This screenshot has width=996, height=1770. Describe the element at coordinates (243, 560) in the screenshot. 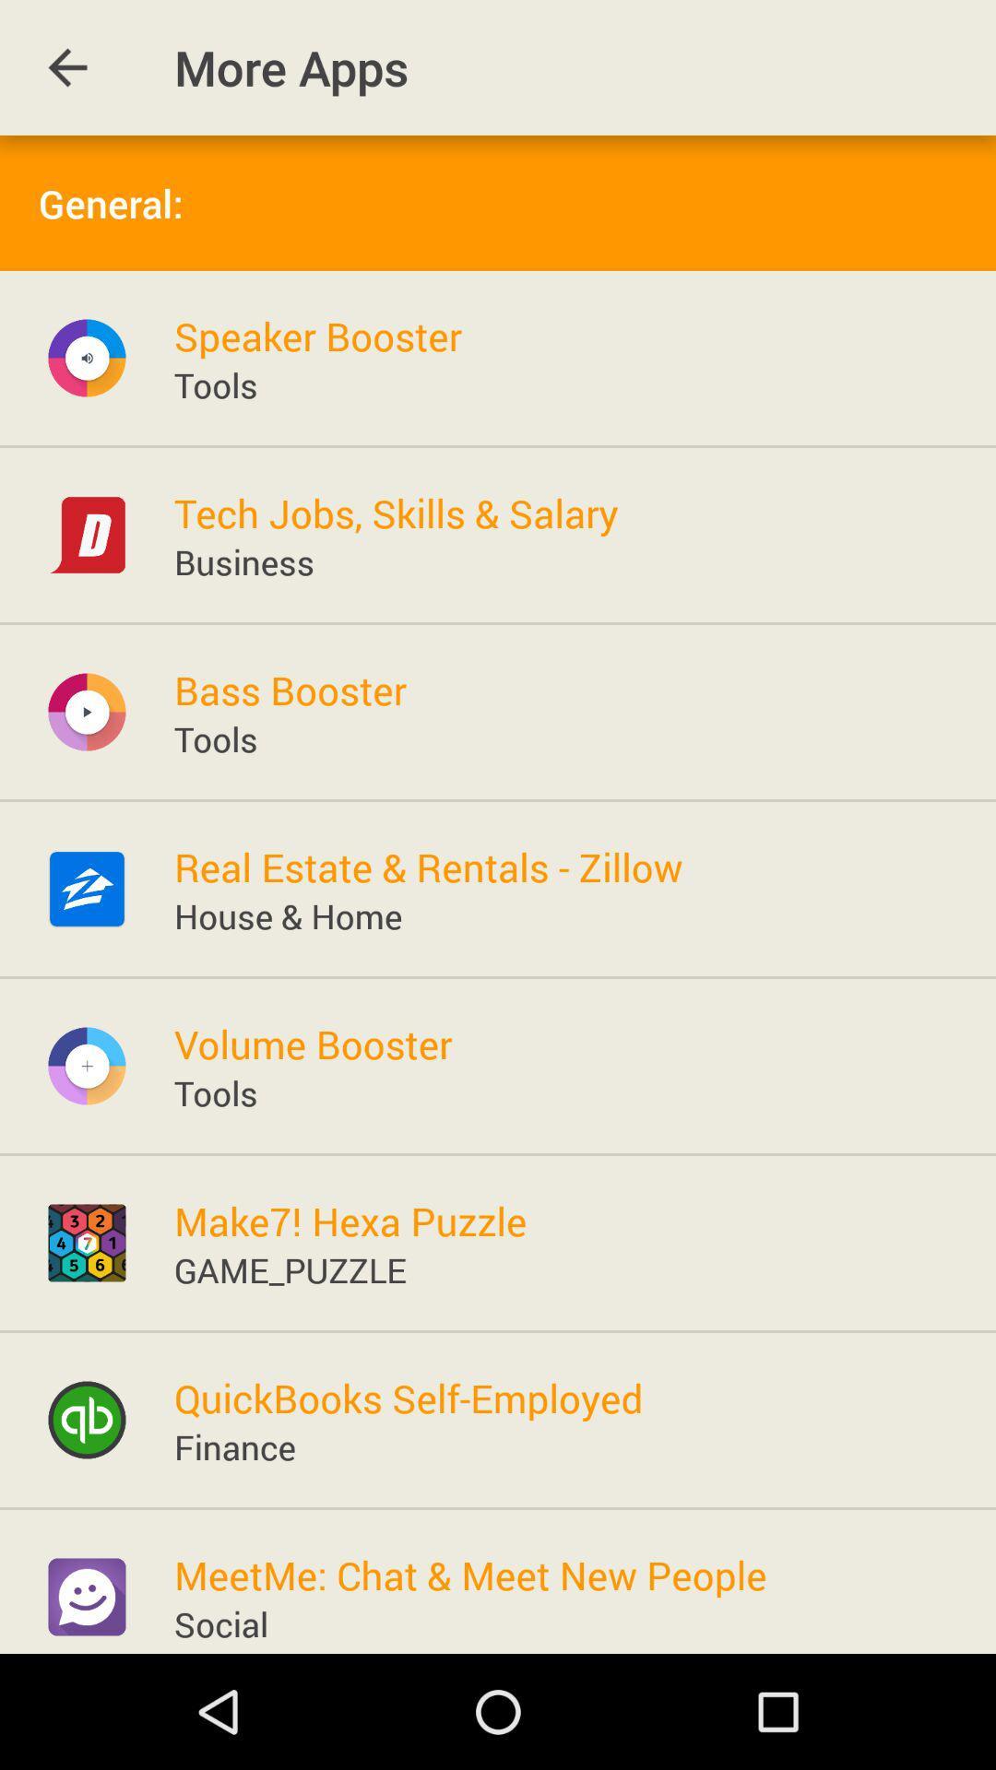

I see `item above bass booster icon` at that location.